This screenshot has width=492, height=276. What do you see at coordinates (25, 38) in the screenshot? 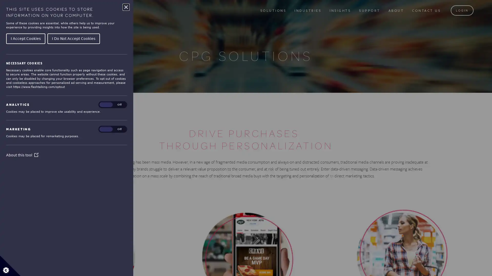
I see `I Accept Cookies` at bounding box center [25, 38].